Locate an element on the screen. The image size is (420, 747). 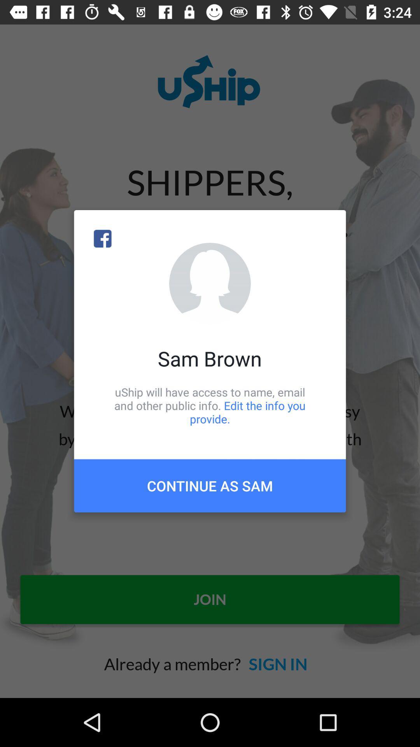
icon below sam brown is located at coordinates (210, 405).